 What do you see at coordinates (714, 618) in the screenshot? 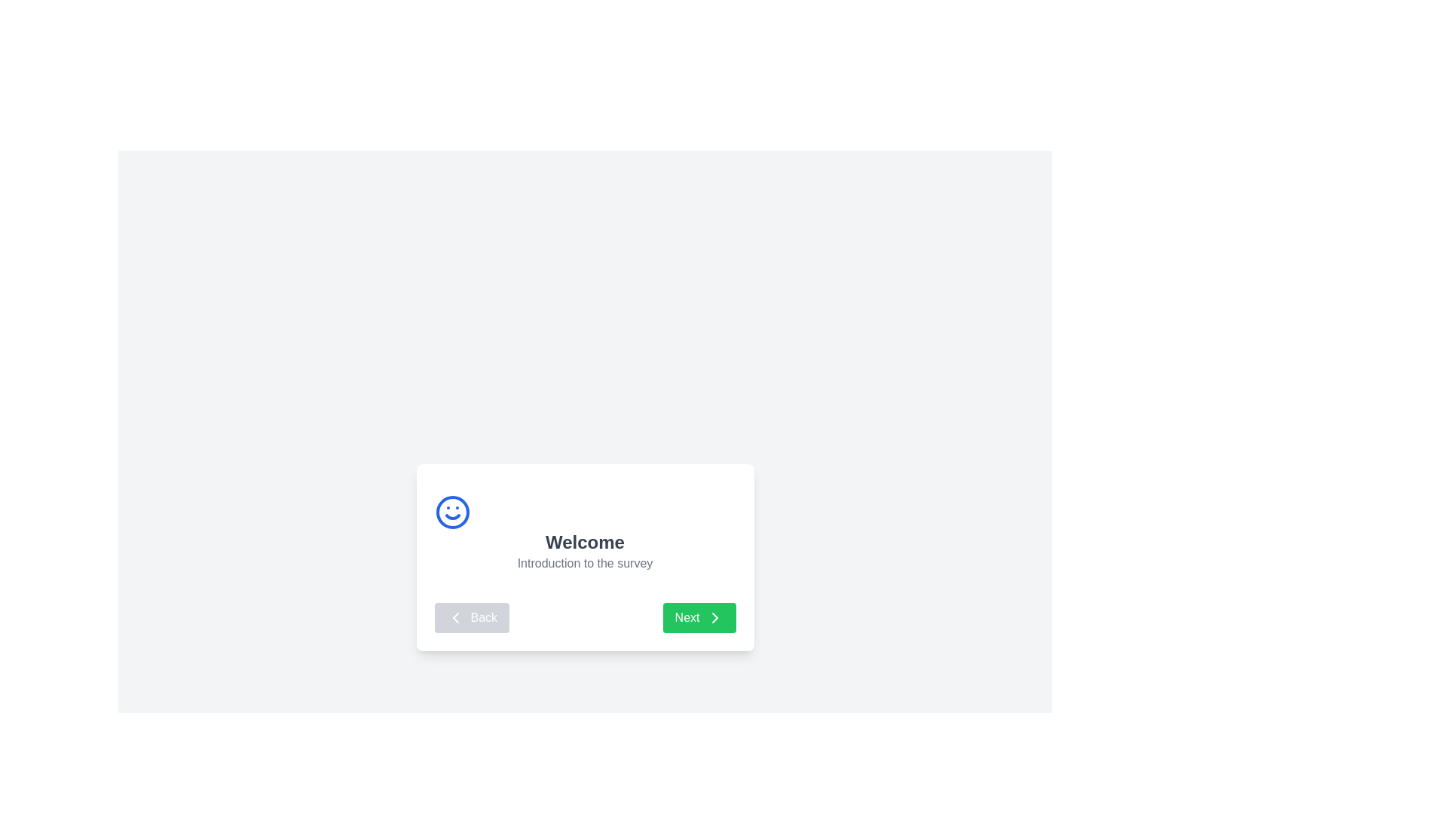
I see `the right-facing chevron arrow icon that is located within the green 'Next' button at the lower right corner of the dialog box labeled 'Welcome'` at bounding box center [714, 618].